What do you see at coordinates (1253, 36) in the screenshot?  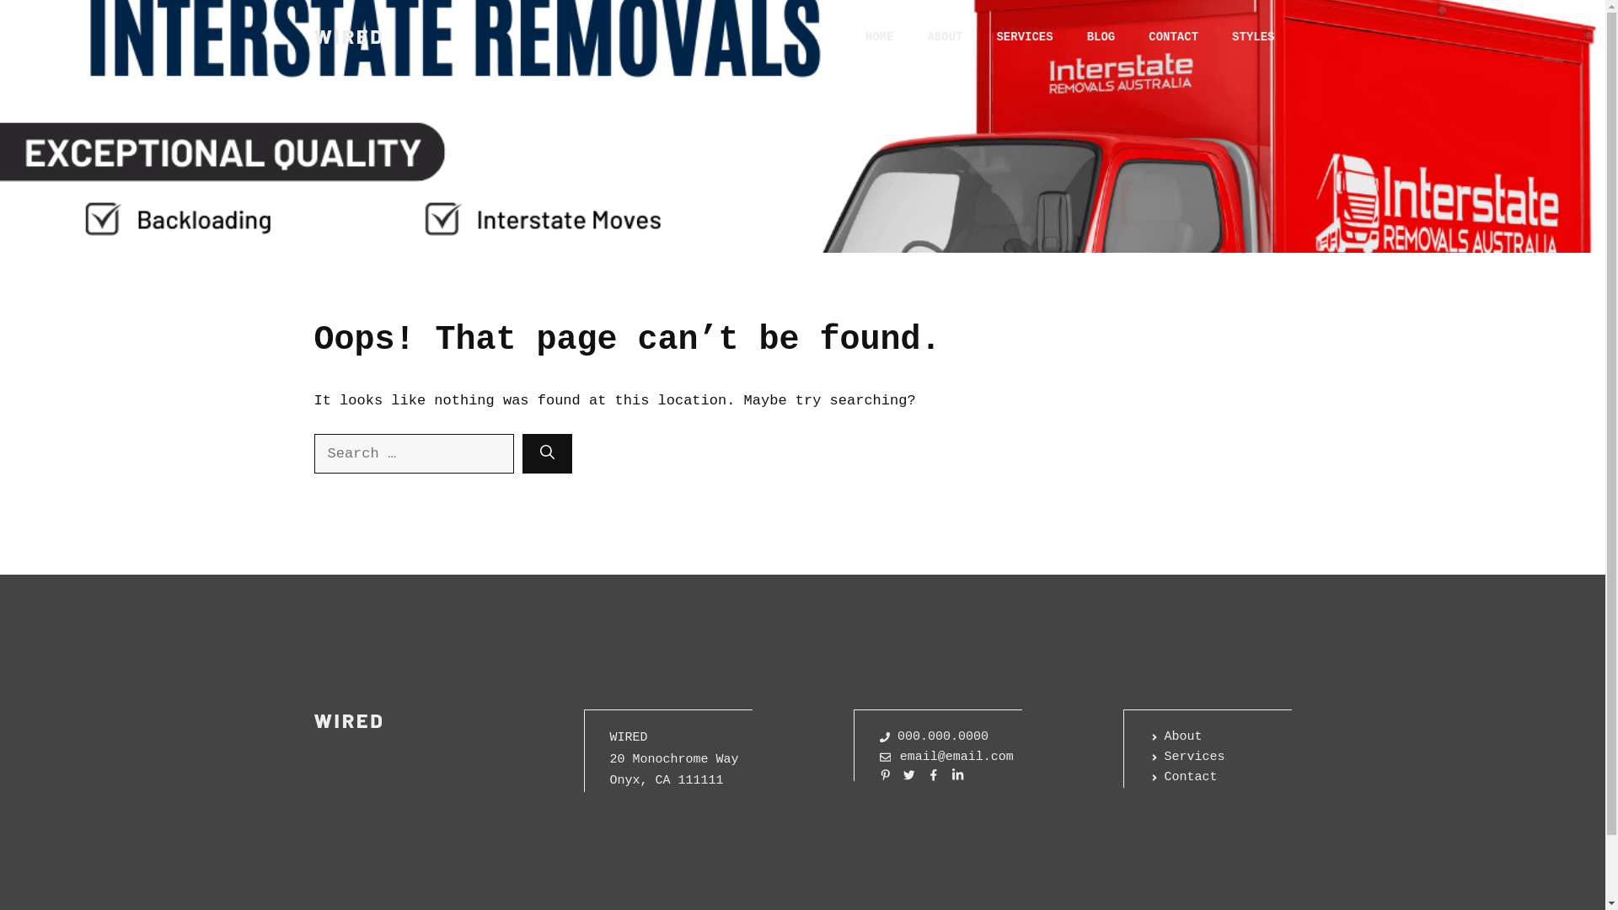 I see `'STYLES'` at bounding box center [1253, 36].